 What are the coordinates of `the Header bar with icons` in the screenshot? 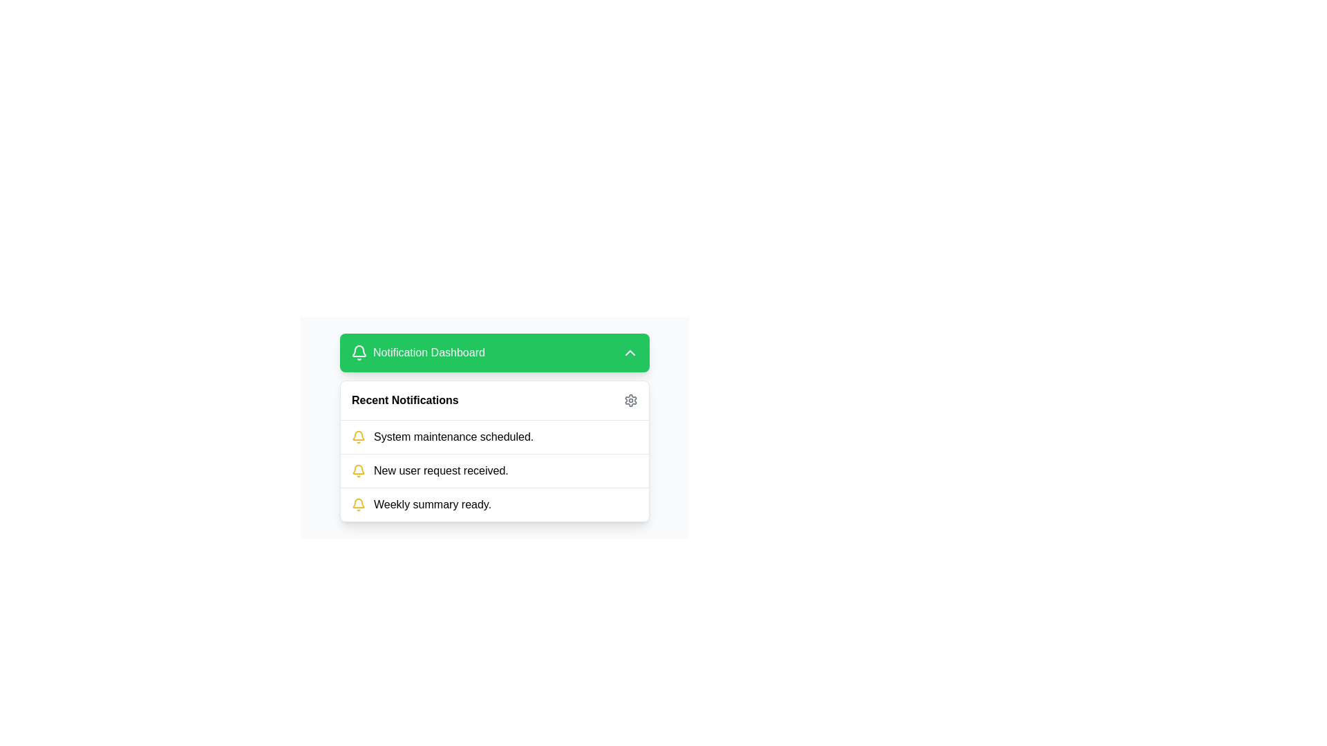 It's located at (494, 426).